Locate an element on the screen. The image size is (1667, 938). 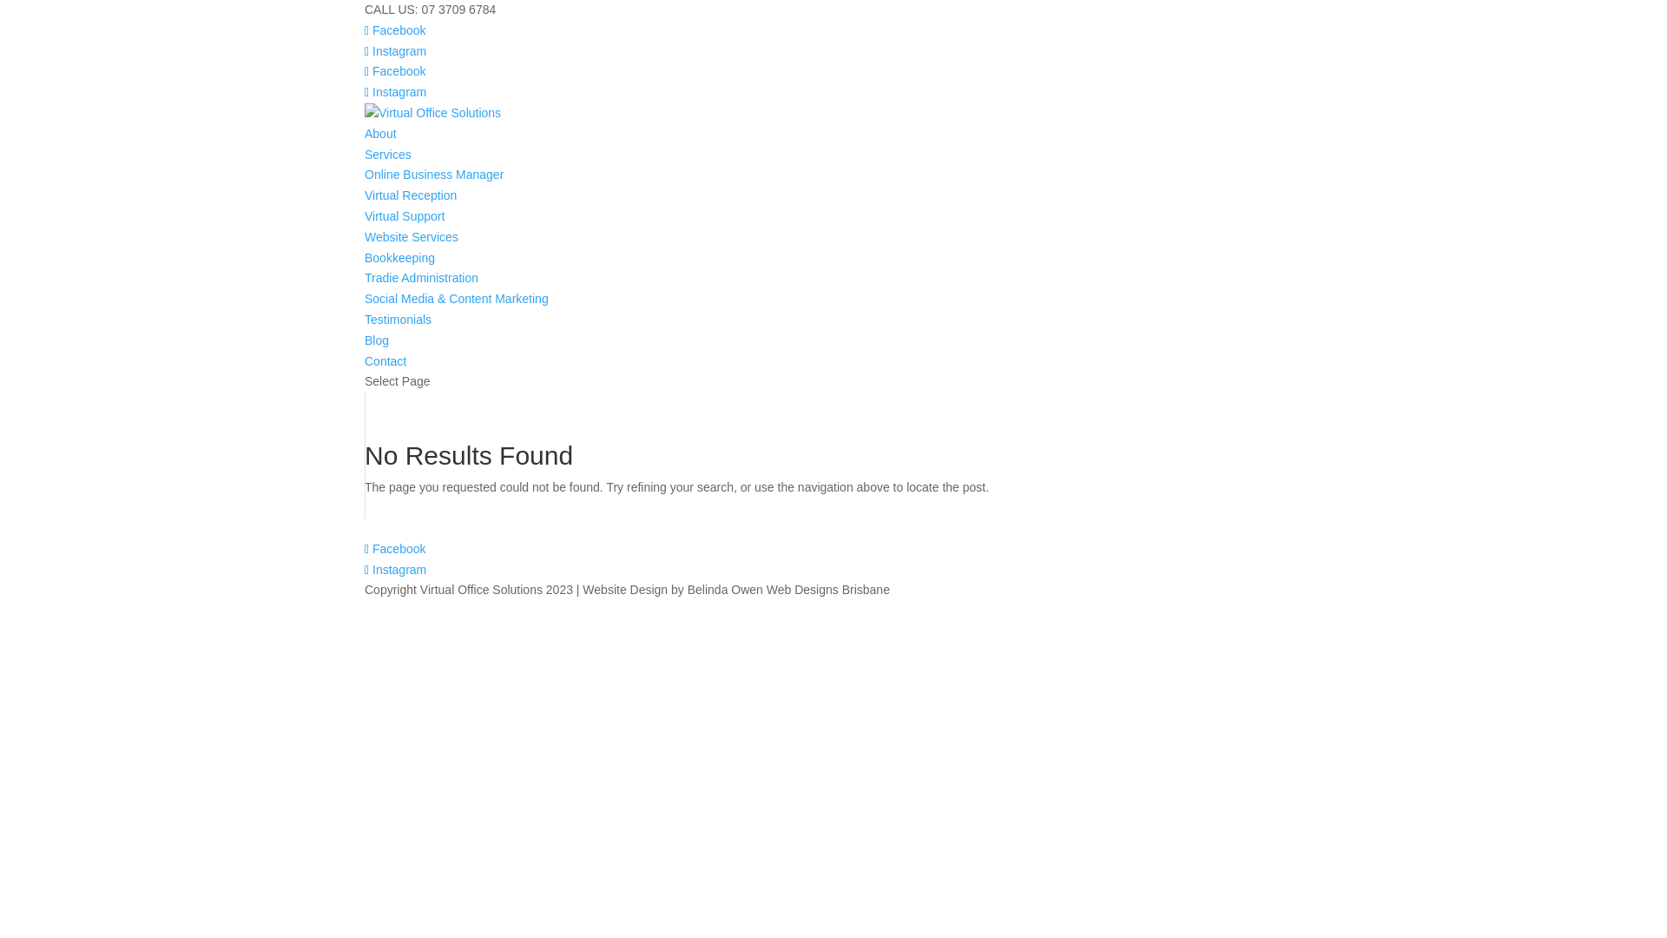
'Facebook' is located at coordinates (394, 69).